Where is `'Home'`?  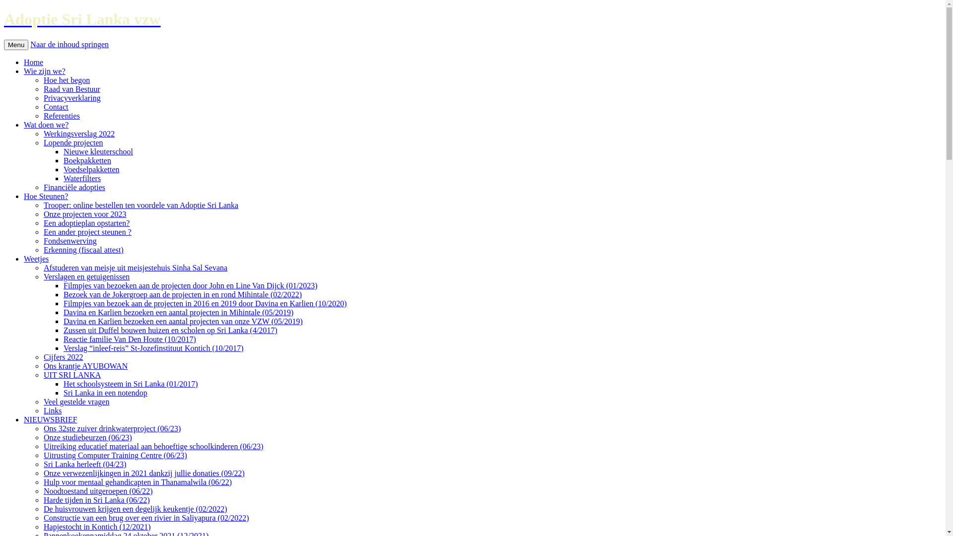
'Home' is located at coordinates (24, 62).